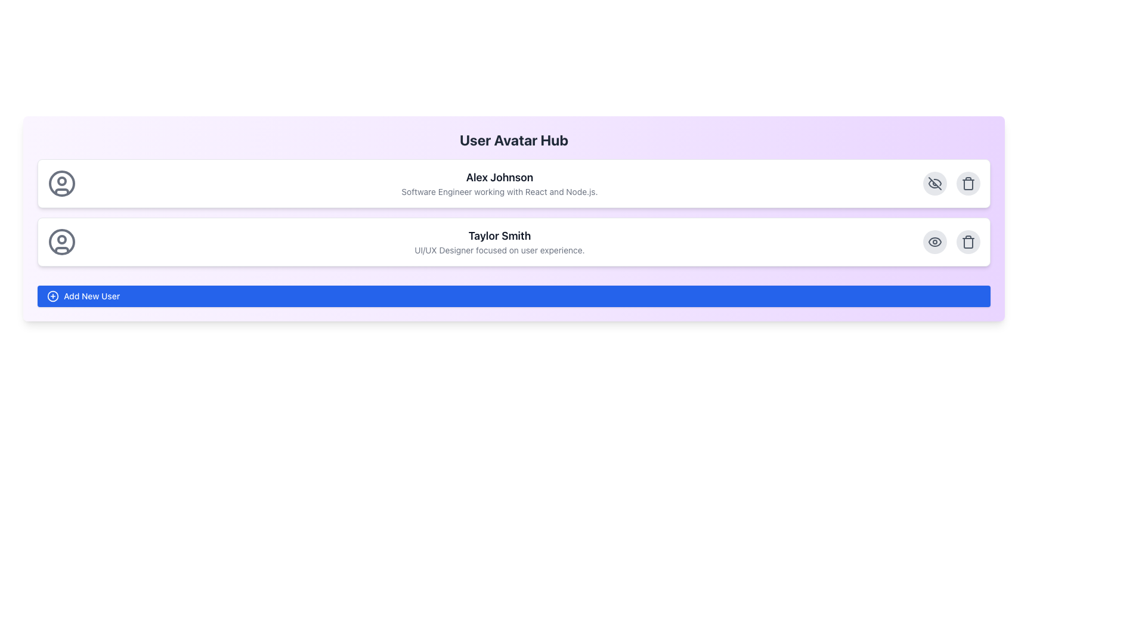  What do you see at coordinates (968, 241) in the screenshot?
I see `the delete action icon located at the far right of the second user entry in the list, which is the third icon from the left in the horizontal arrangement of action icons` at bounding box center [968, 241].